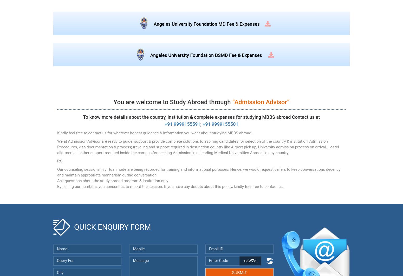 This screenshot has height=276, width=403. I want to click on '“Admission Advisor”', so click(261, 102).